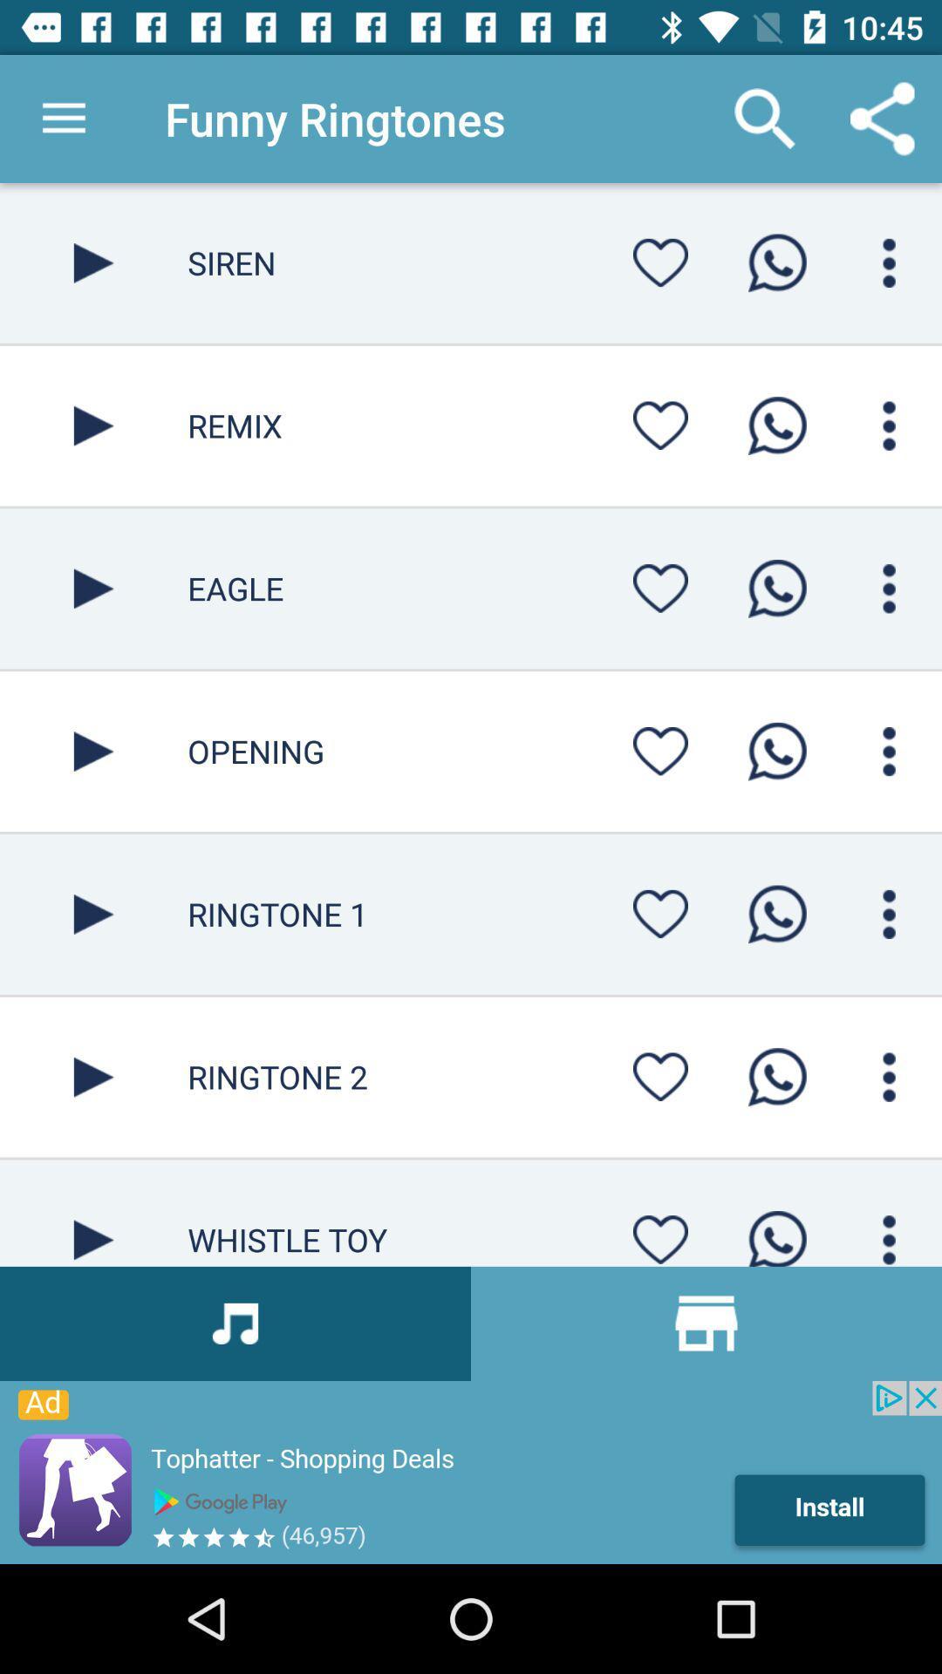 Image resolution: width=942 pixels, height=1674 pixels. What do you see at coordinates (776, 1232) in the screenshot?
I see `ringtone` at bounding box center [776, 1232].